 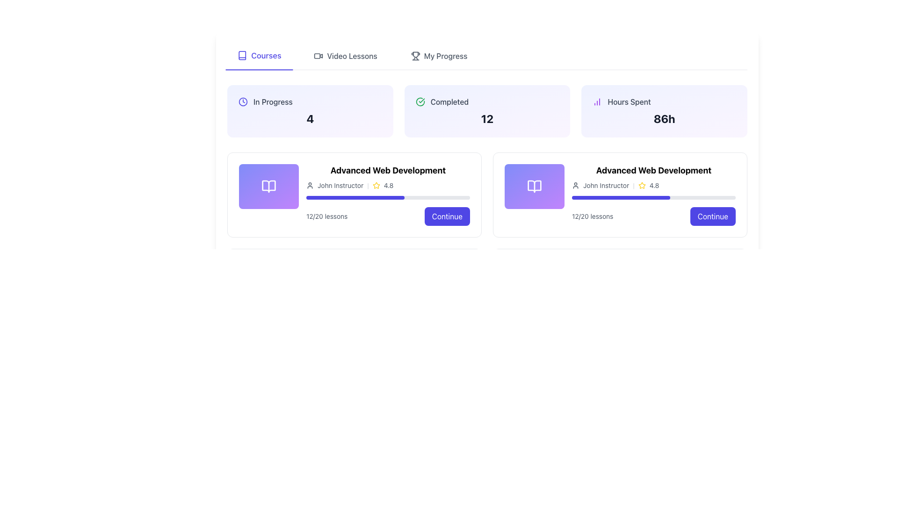 I want to click on the circular icon within the SVG clock icon that is adjacent to the 'In Progress' text in the progress tracker section, so click(x=243, y=102).